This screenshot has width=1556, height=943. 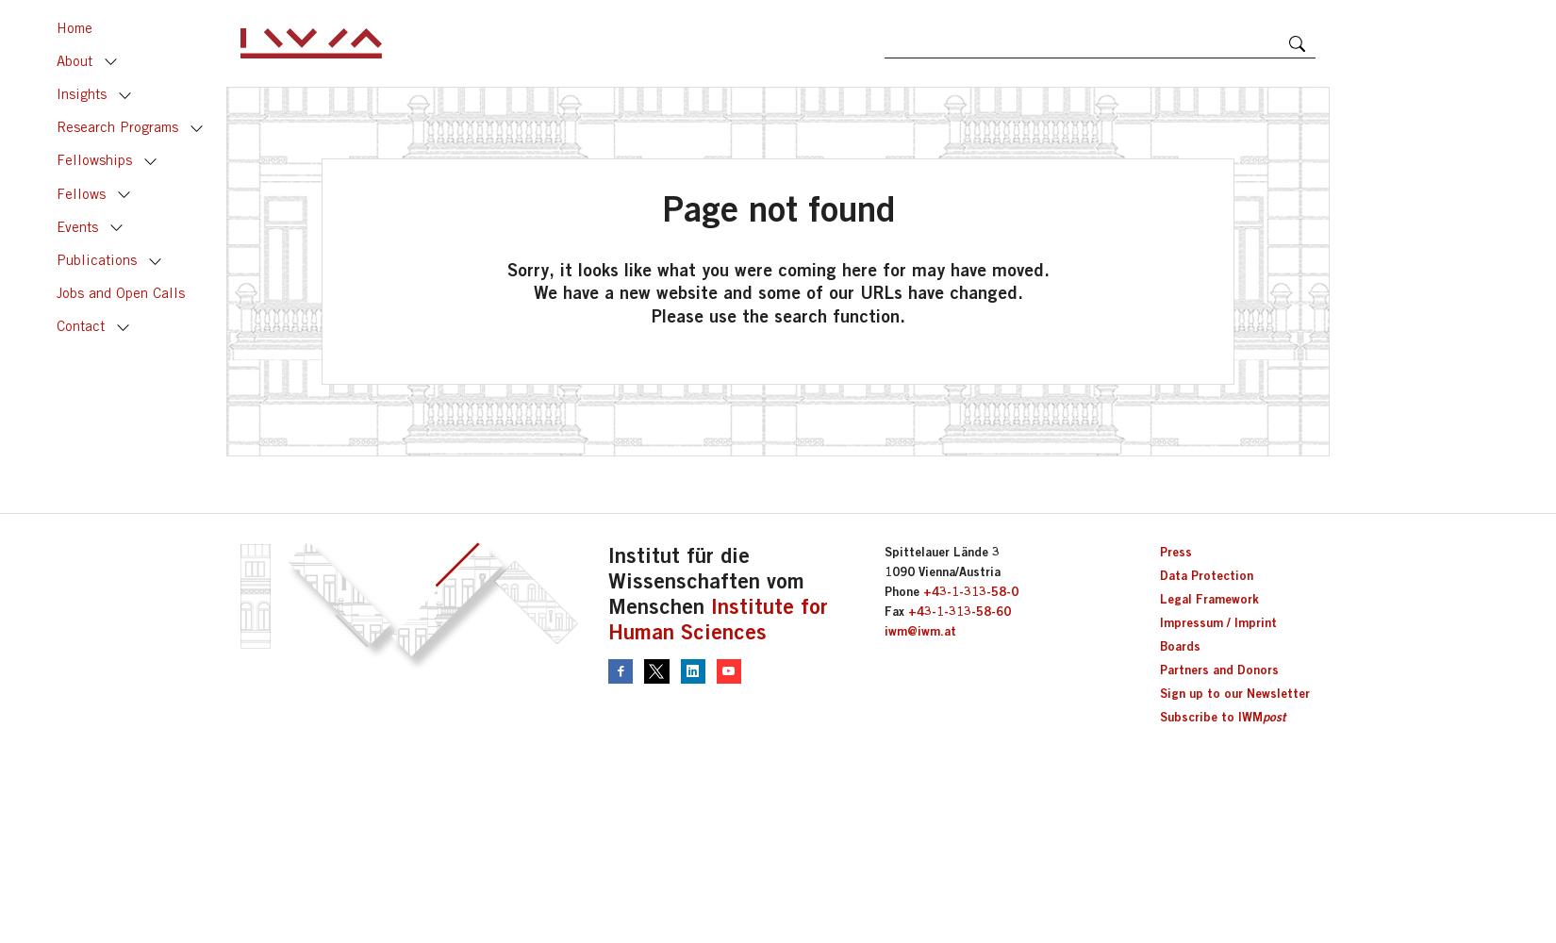 I want to click on '+43-1-313-58-0', so click(x=969, y=591).